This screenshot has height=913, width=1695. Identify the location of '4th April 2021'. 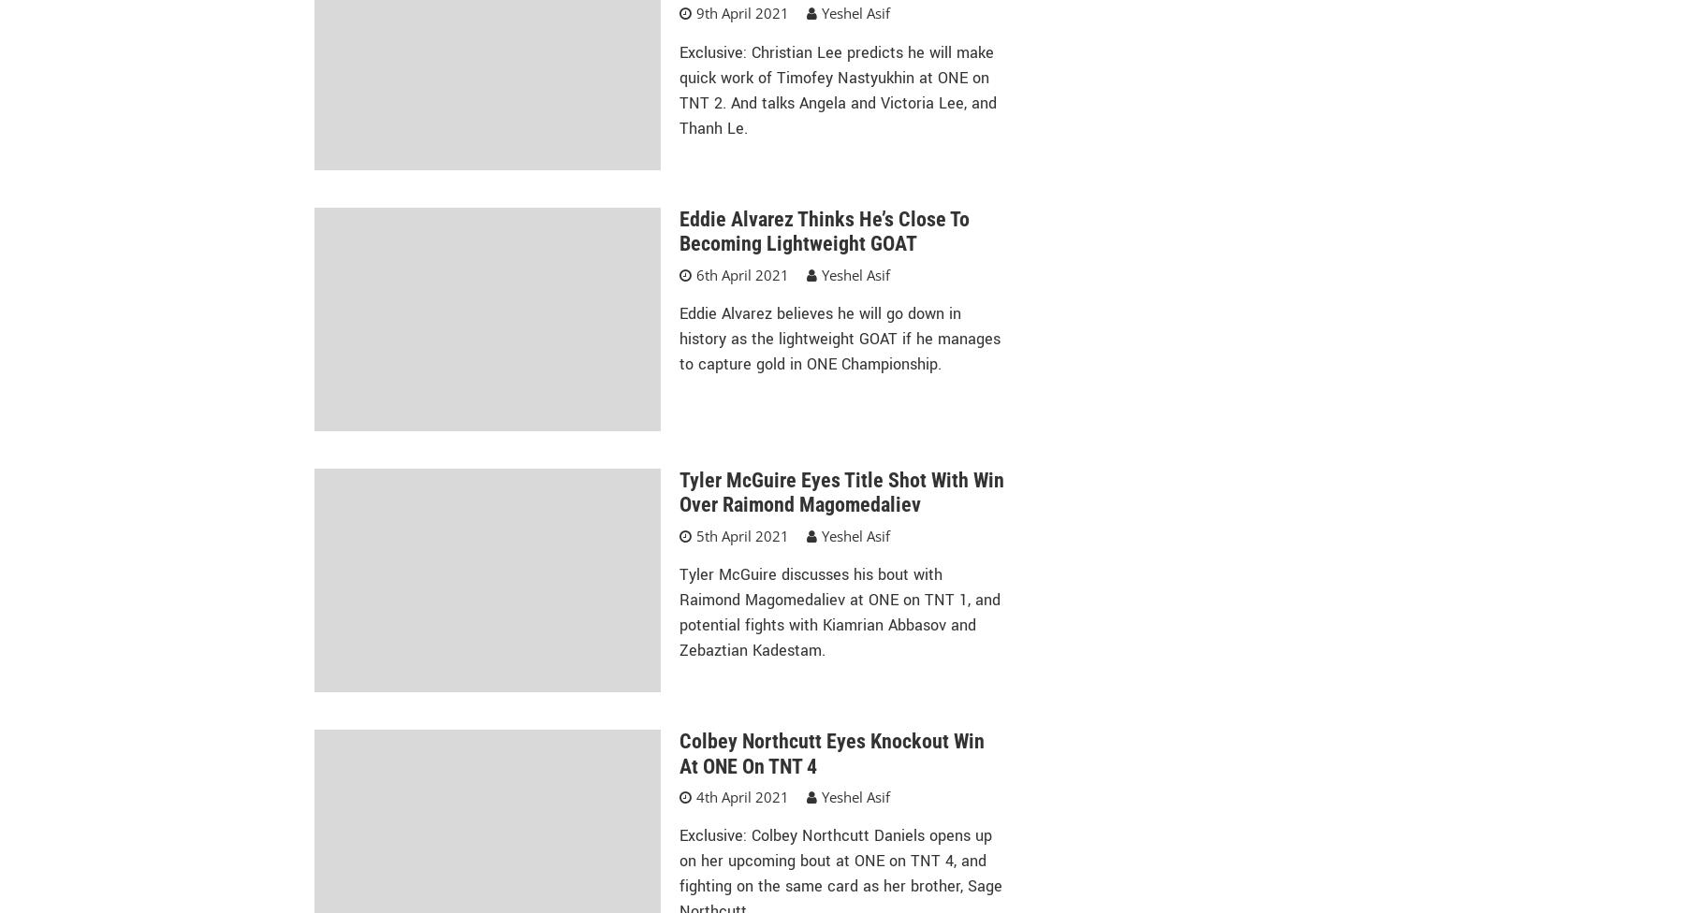
(740, 795).